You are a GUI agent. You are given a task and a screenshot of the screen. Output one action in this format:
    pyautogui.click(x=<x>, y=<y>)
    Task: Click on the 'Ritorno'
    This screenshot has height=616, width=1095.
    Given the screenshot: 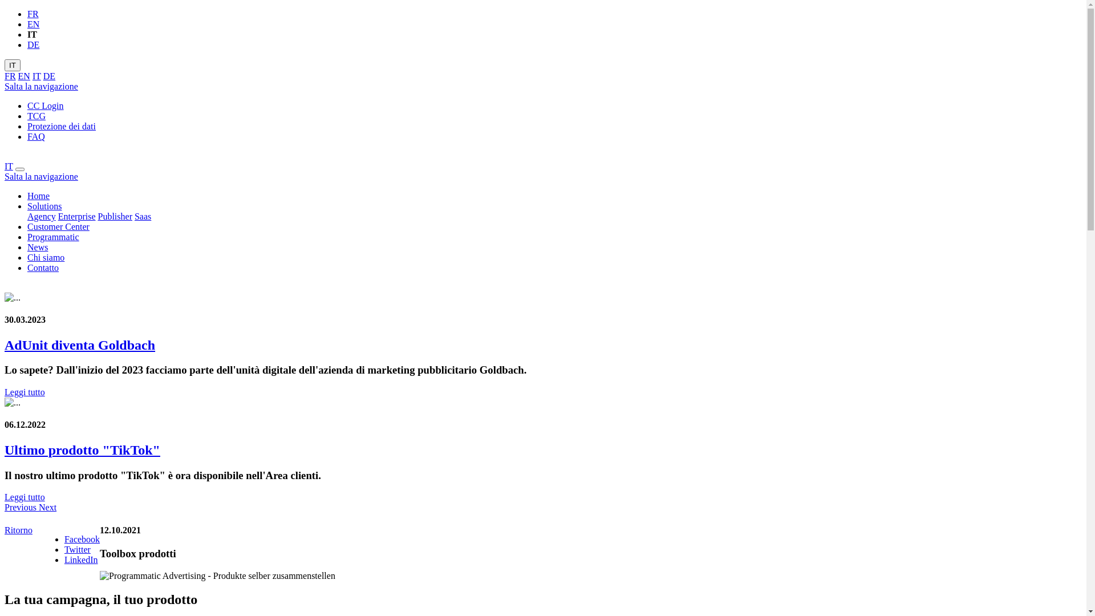 What is the action you would take?
    pyautogui.click(x=5, y=530)
    